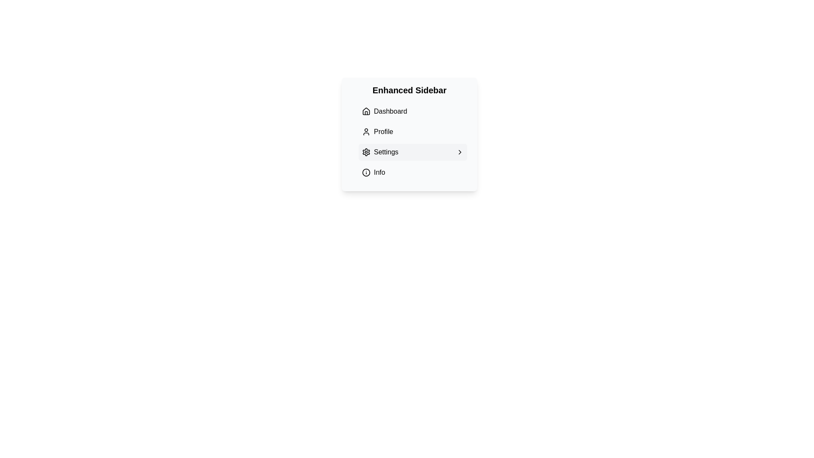  What do you see at coordinates (366, 151) in the screenshot?
I see `the gear-shaped icon in the 'Settings' menu` at bounding box center [366, 151].